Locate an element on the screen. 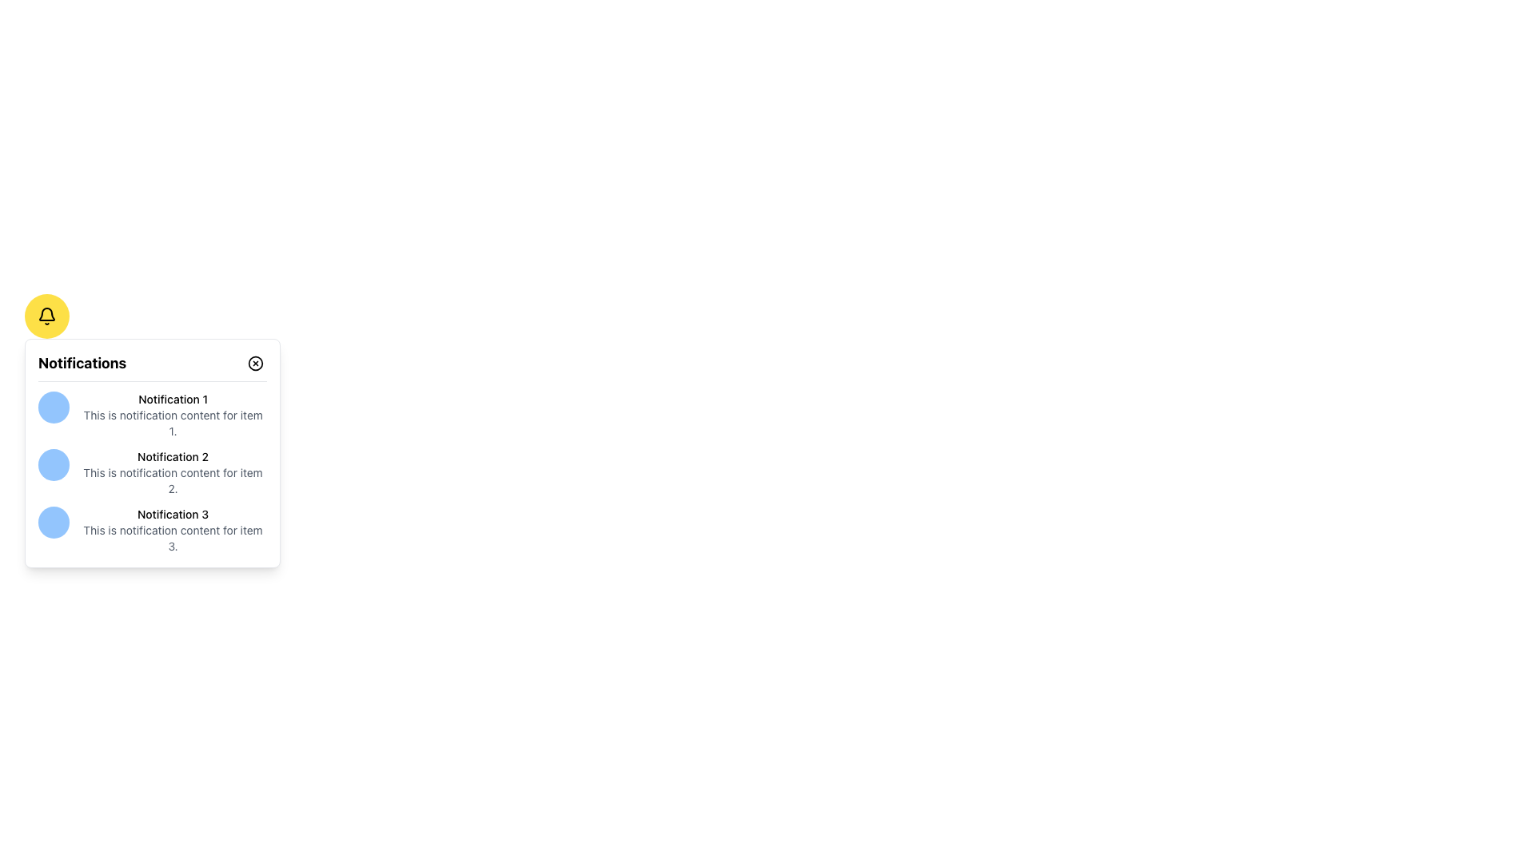  the third notification entry in the notification panel, which includes a circular blue icon and the text 'Notification 3' with its description is located at coordinates (153, 530).